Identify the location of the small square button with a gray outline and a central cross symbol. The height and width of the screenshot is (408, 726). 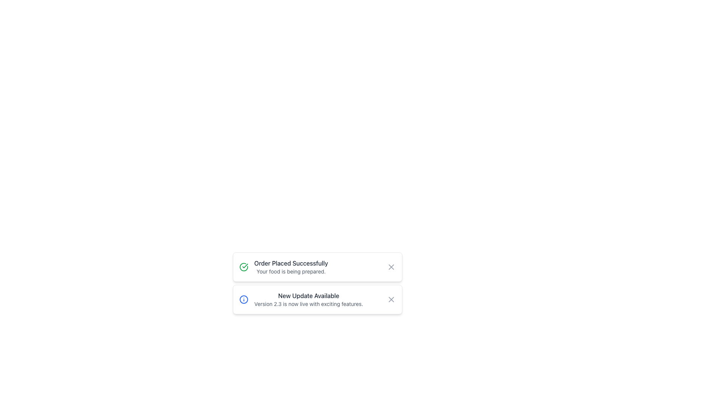
(391, 299).